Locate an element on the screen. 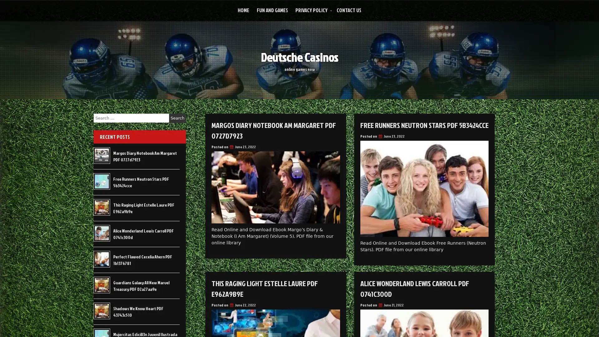 The width and height of the screenshot is (599, 337). Search is located at coordinates (177, 118).